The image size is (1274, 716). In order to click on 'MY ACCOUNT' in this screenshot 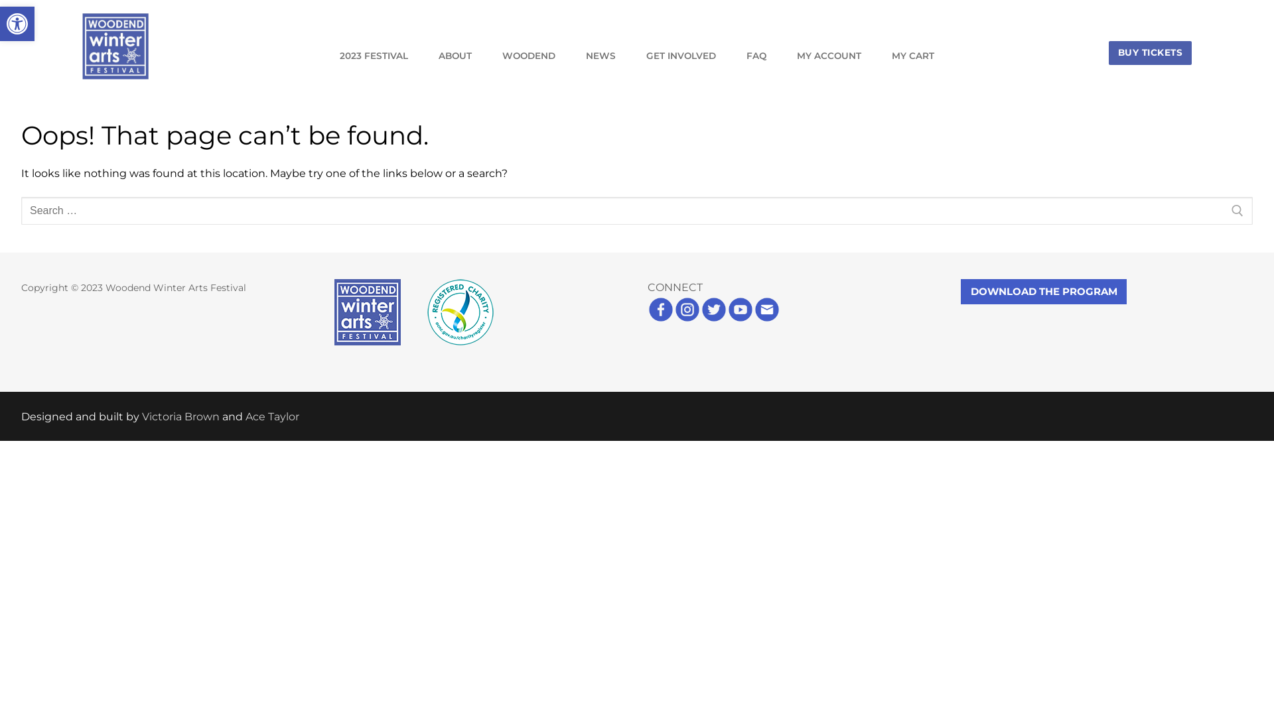, I will do `click(828, 55)`.